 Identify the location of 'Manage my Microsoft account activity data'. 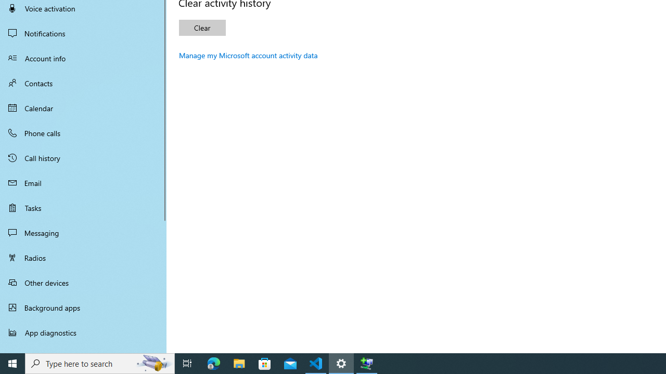
(248, 55).